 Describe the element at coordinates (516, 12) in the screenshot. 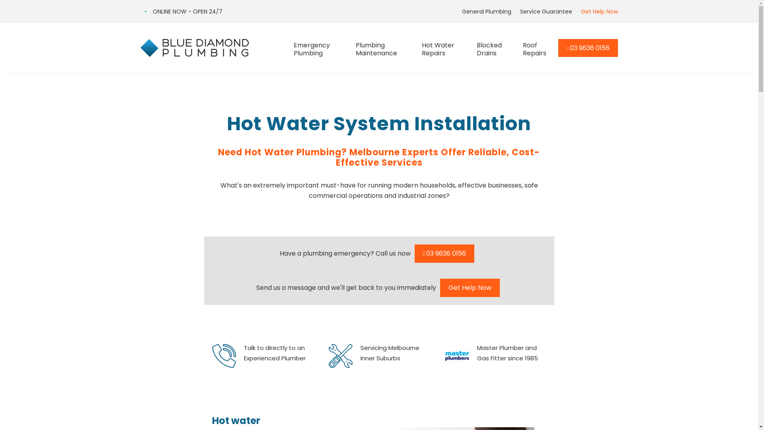

I see `'Service Guarantee'` at that location.